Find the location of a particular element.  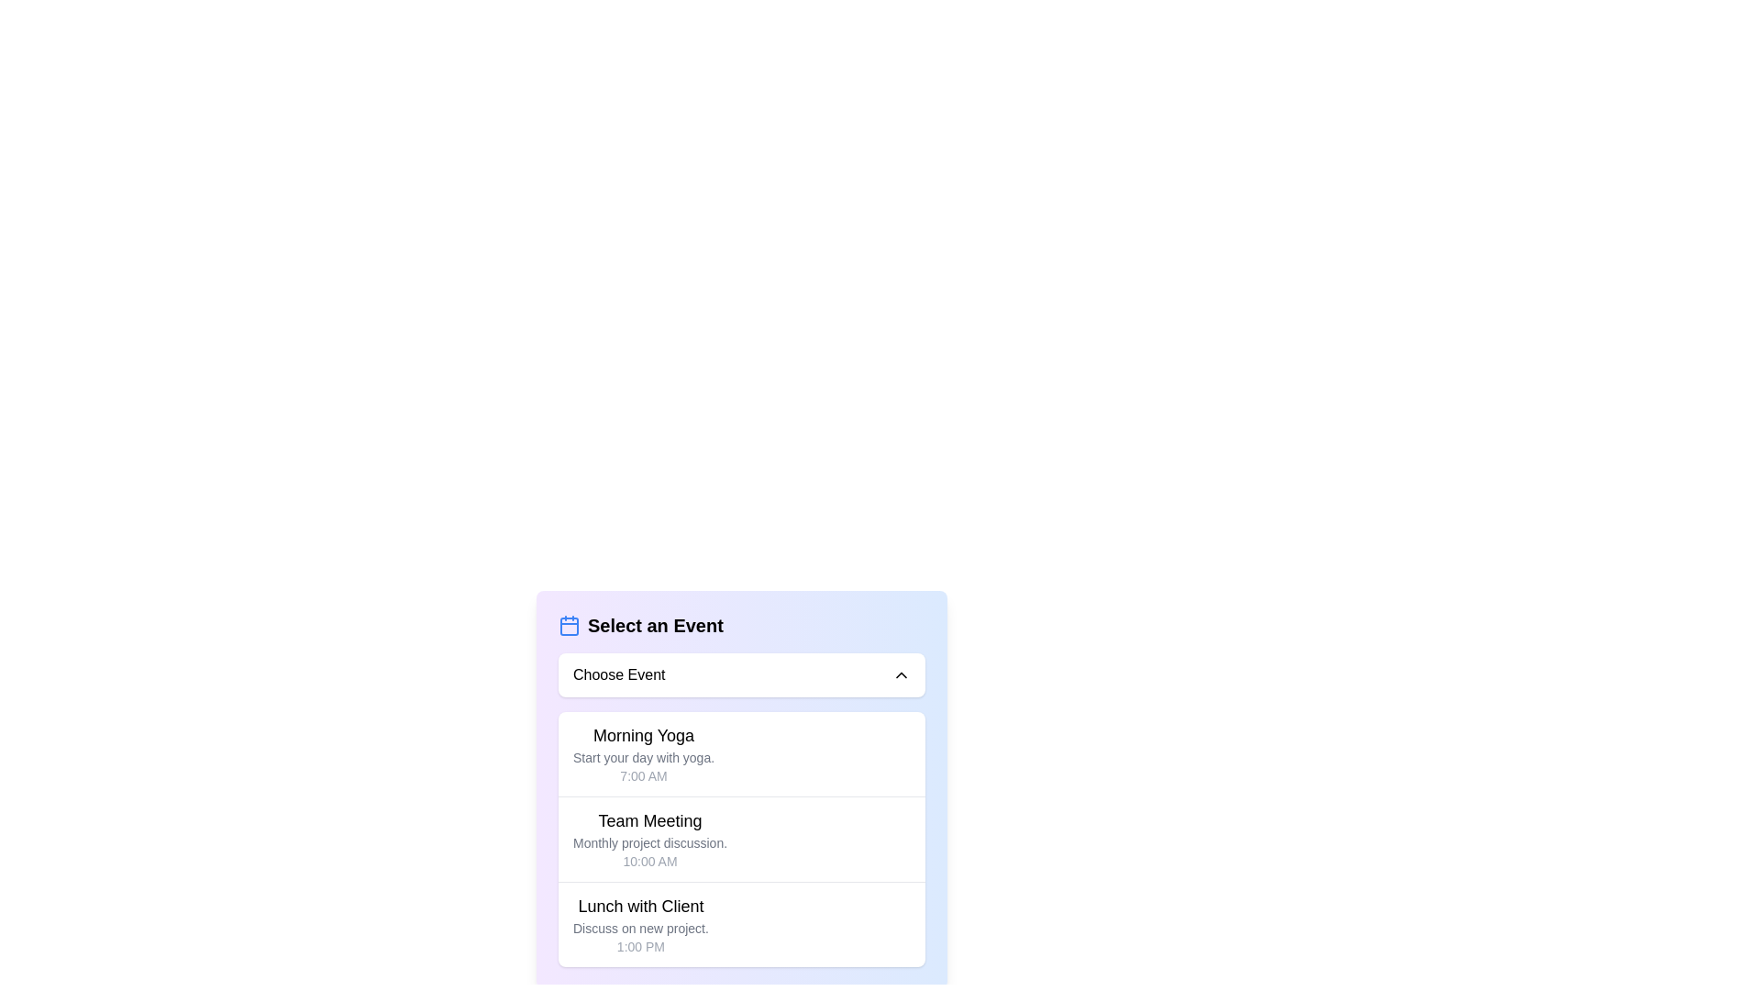

the event title text that identifies a specific event, positioned above the texts 'Monthly project discussion.' and '10:00 AM' is located at coordinates (650, 819).